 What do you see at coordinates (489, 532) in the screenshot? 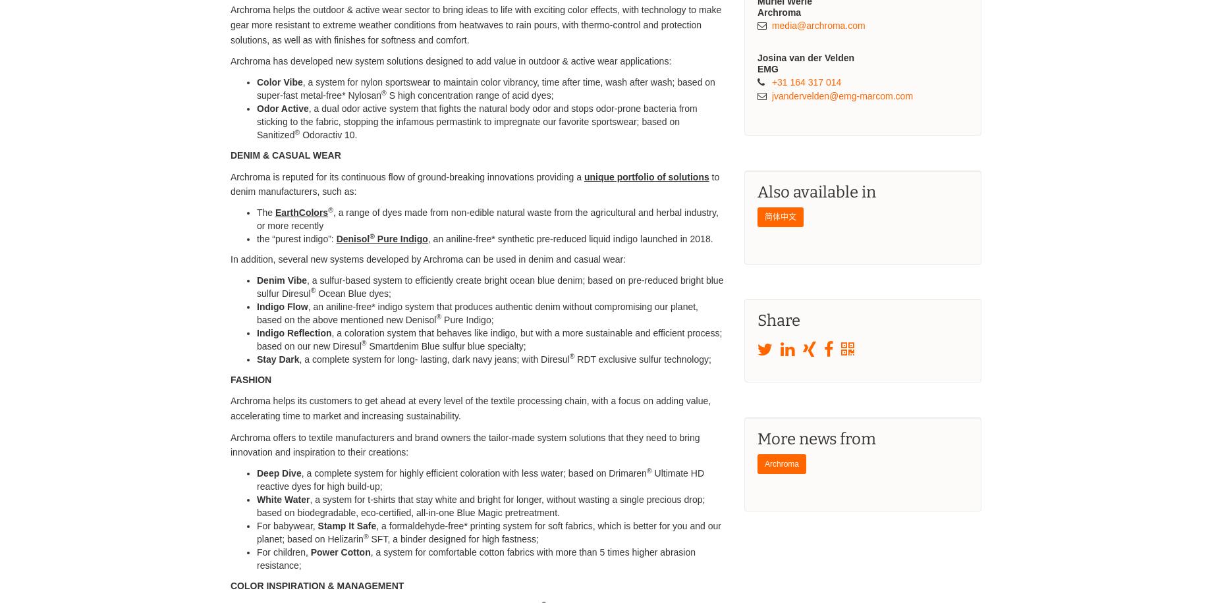
I see `', a formaldehyde-free* printing system for soft fabrics, which is better for you and our planet; based on Helizarin'` at bounding box center [489, 532].